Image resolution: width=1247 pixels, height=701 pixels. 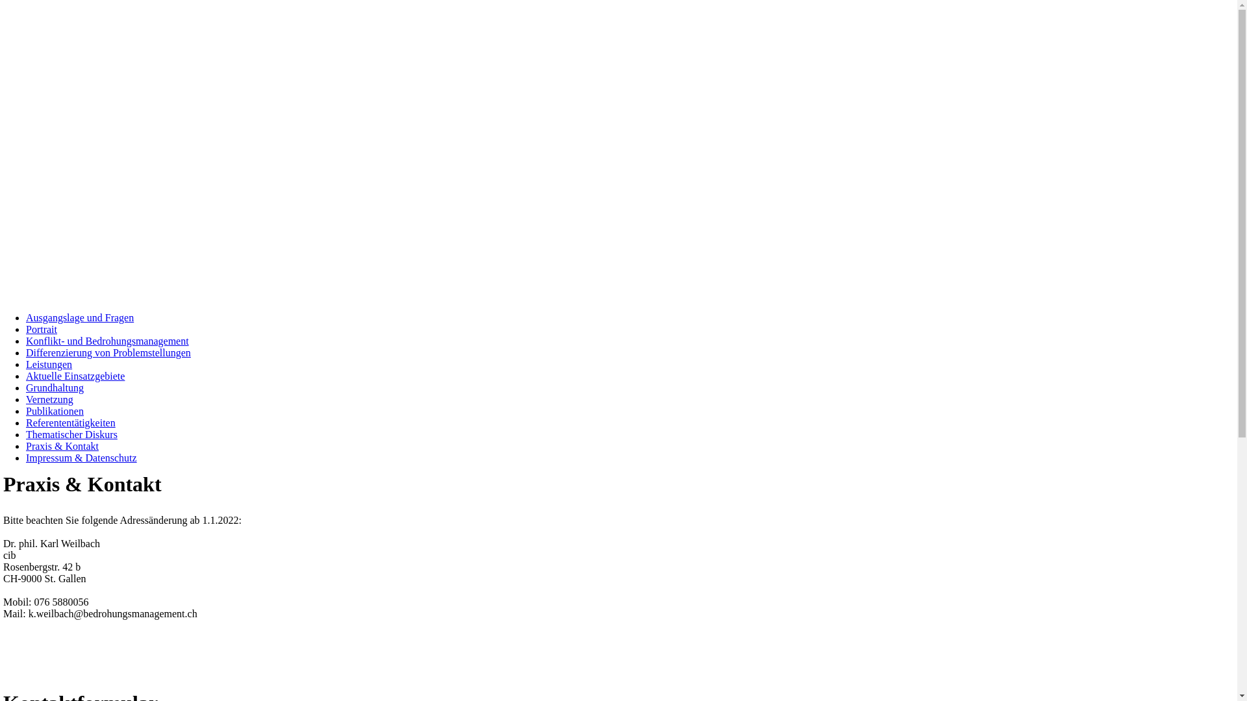 I want to click on 'Portrait', so click(x=41, y=328).